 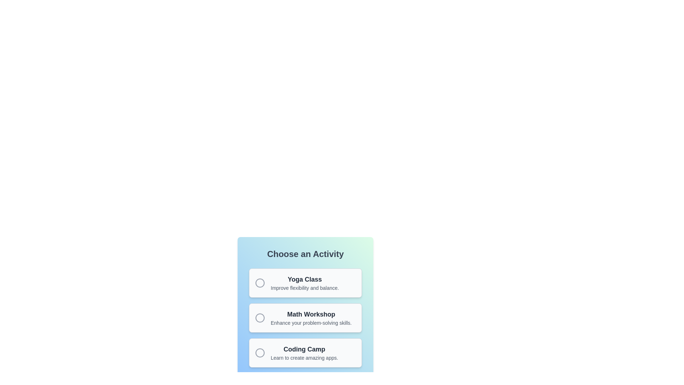 I want to click on the circular radio button indicator located to the left of the 'Yoga Class' text, so click(x=259, y=283).